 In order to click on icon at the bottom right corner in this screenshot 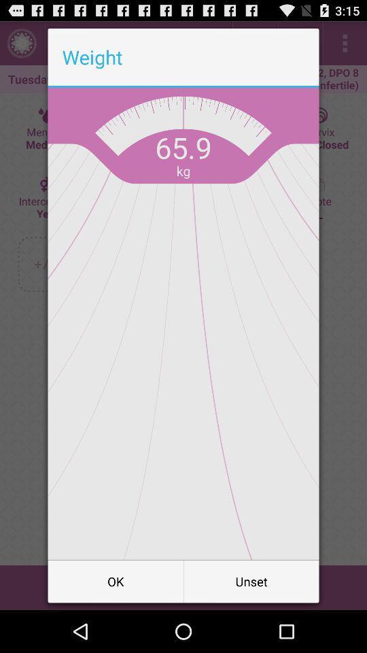, I will do `click(251, 580)`.